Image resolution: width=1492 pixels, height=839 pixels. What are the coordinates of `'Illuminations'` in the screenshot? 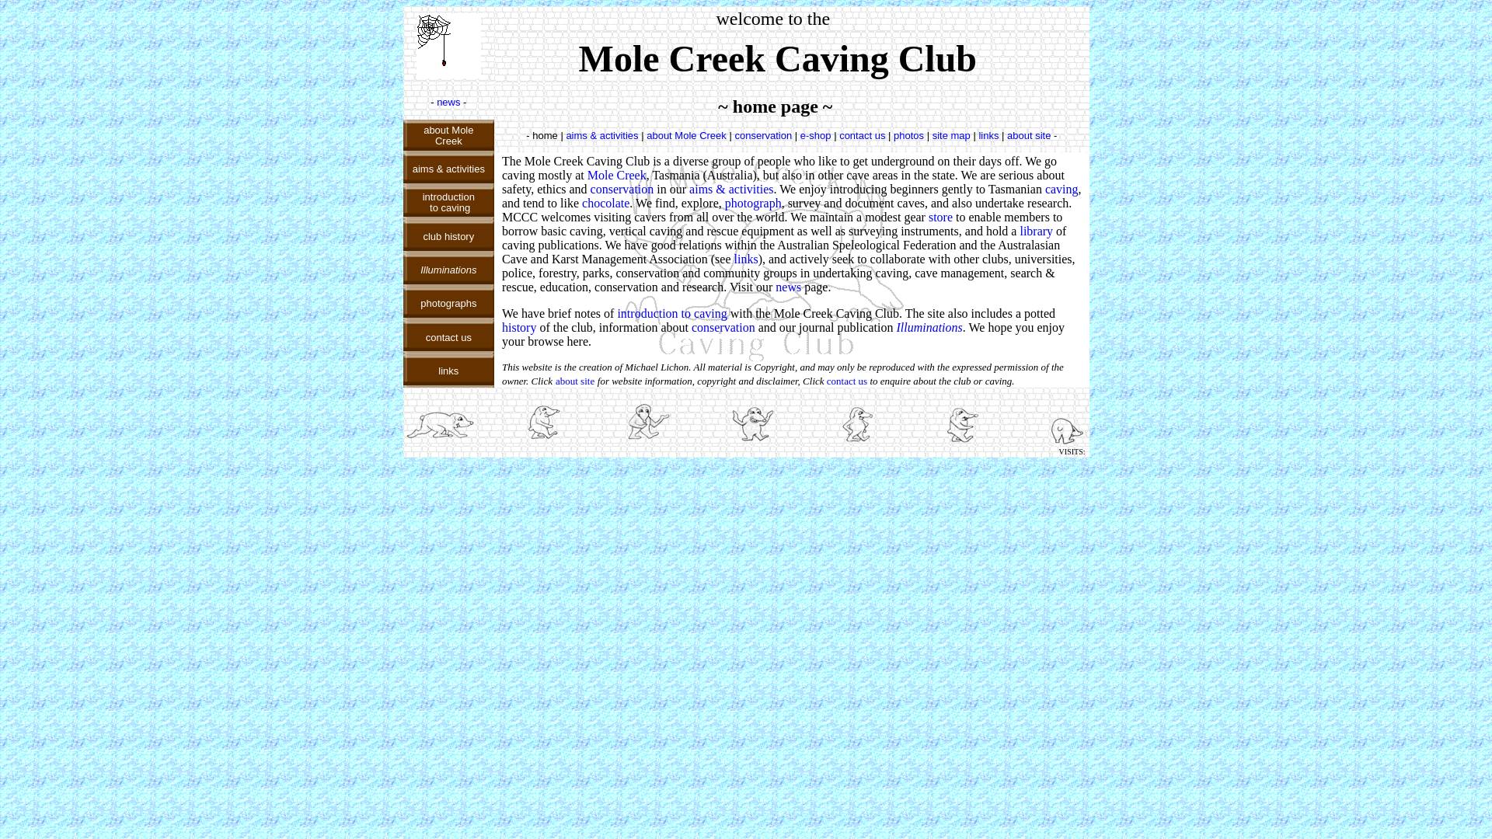 It's located at (929, 326).